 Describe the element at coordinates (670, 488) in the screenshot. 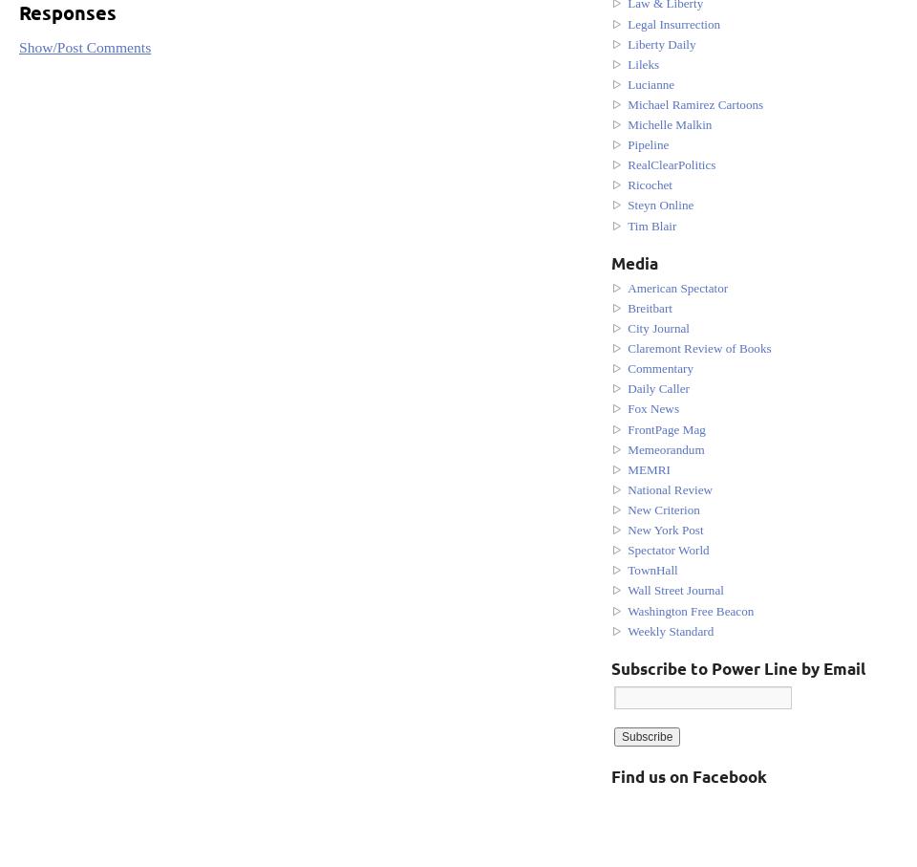

I see `'National Review'` at that location.